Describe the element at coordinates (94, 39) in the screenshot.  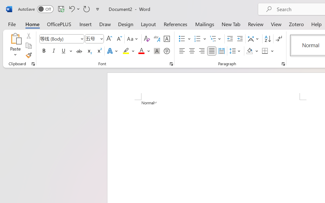
I see `'Font Size'` at that location.